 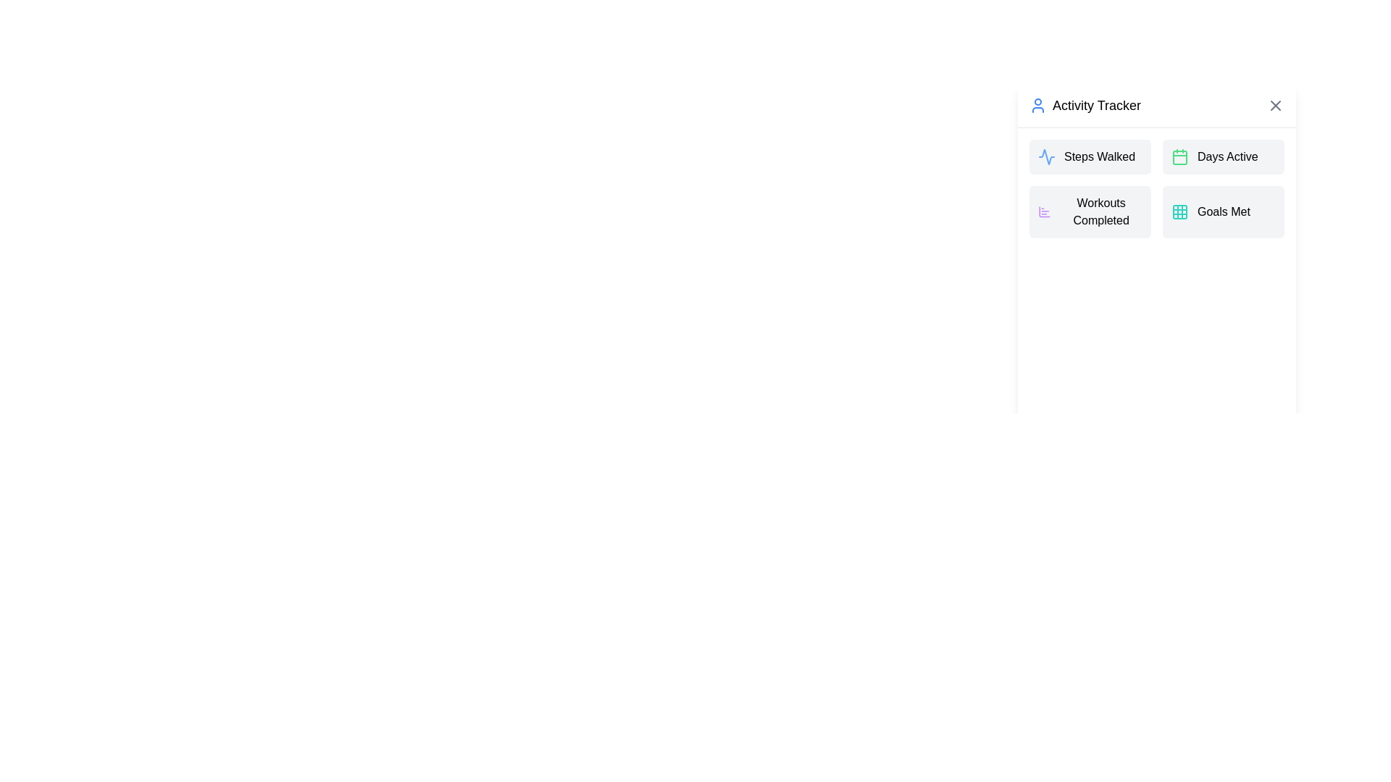 I want to click on the 'Workouts Completed' button located in the lower-left corner of the 2 by 2 grid in the 'Activity Tracker' section for accessibility purposes, so click(x=1090, y=212).